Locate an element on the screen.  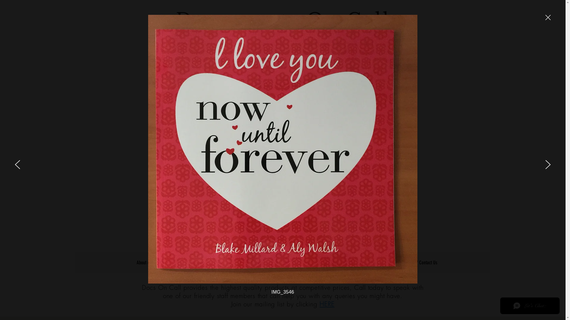
'Documents On Call' is located at coordinates (175, 19).